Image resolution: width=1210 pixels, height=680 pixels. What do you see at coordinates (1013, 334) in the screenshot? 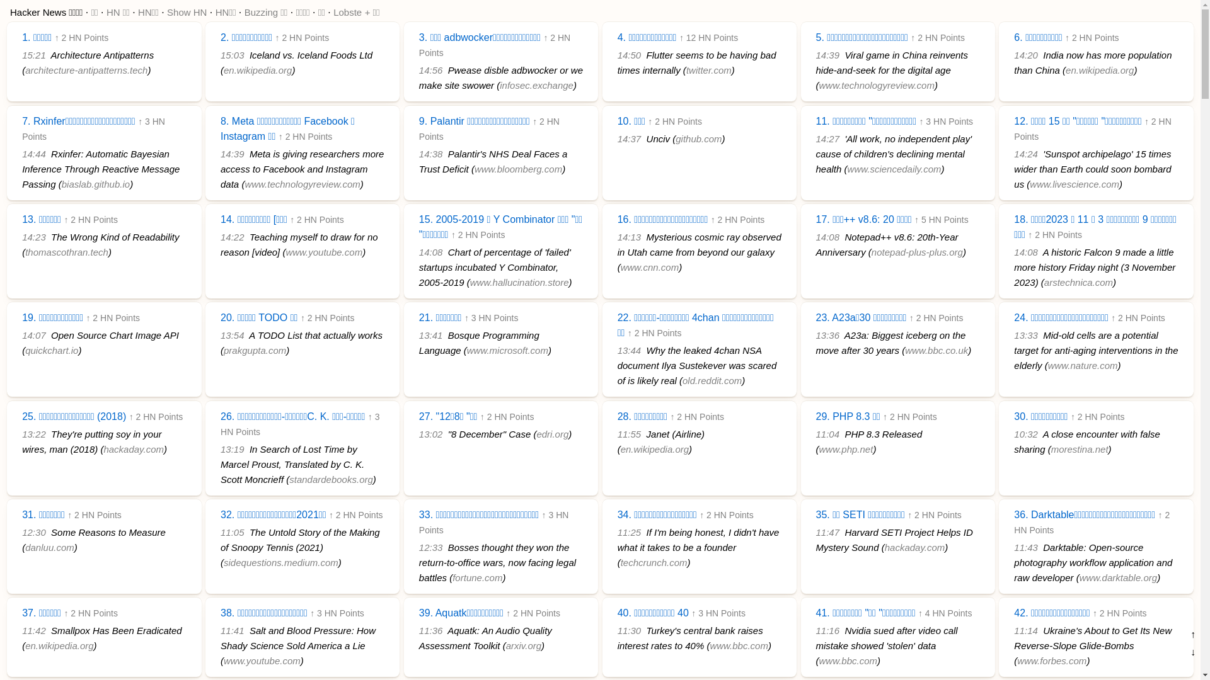
I see `'13:33'` at bounding box center [1013, 334].